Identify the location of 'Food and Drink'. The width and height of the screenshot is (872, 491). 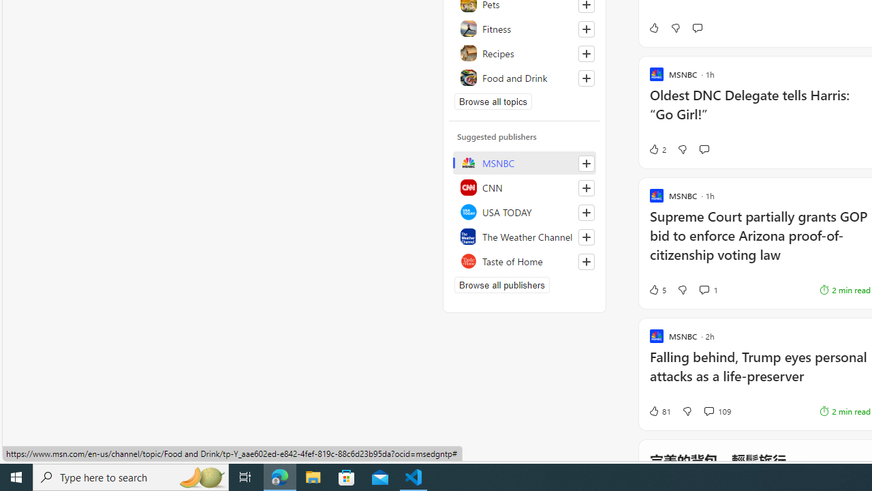
(524, 78).